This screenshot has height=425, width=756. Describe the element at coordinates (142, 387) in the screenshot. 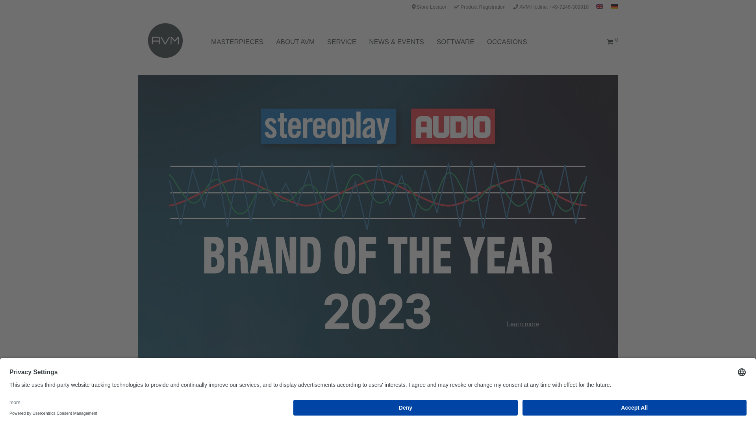

I see `'All'` at that location.